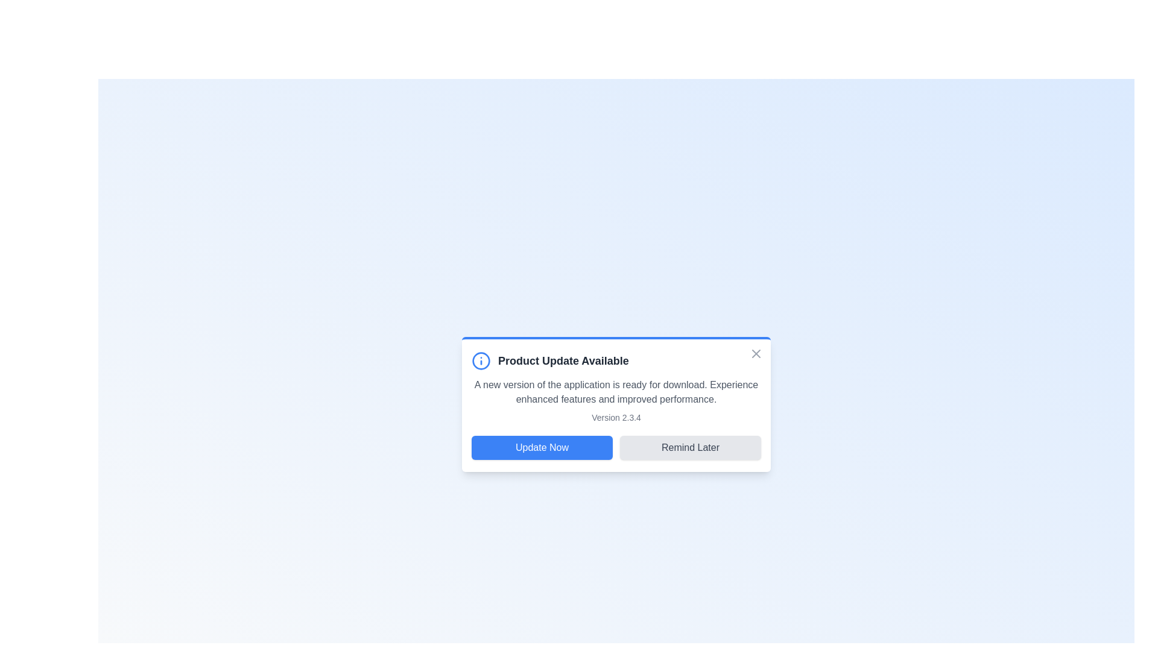 This screenshot has height=651, width=1158. What do you see at coordinates (541, 448) in the screenshot?
I see `the 'Update Now' button to initiate the update process` at bounding box center [541, 448].